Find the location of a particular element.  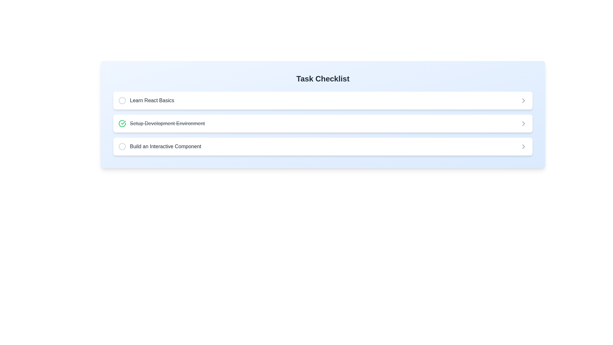

the gray circular outline icon representing the status indicator next to the 'Build an Interactive Component' text is located at coordinates (122, 147).